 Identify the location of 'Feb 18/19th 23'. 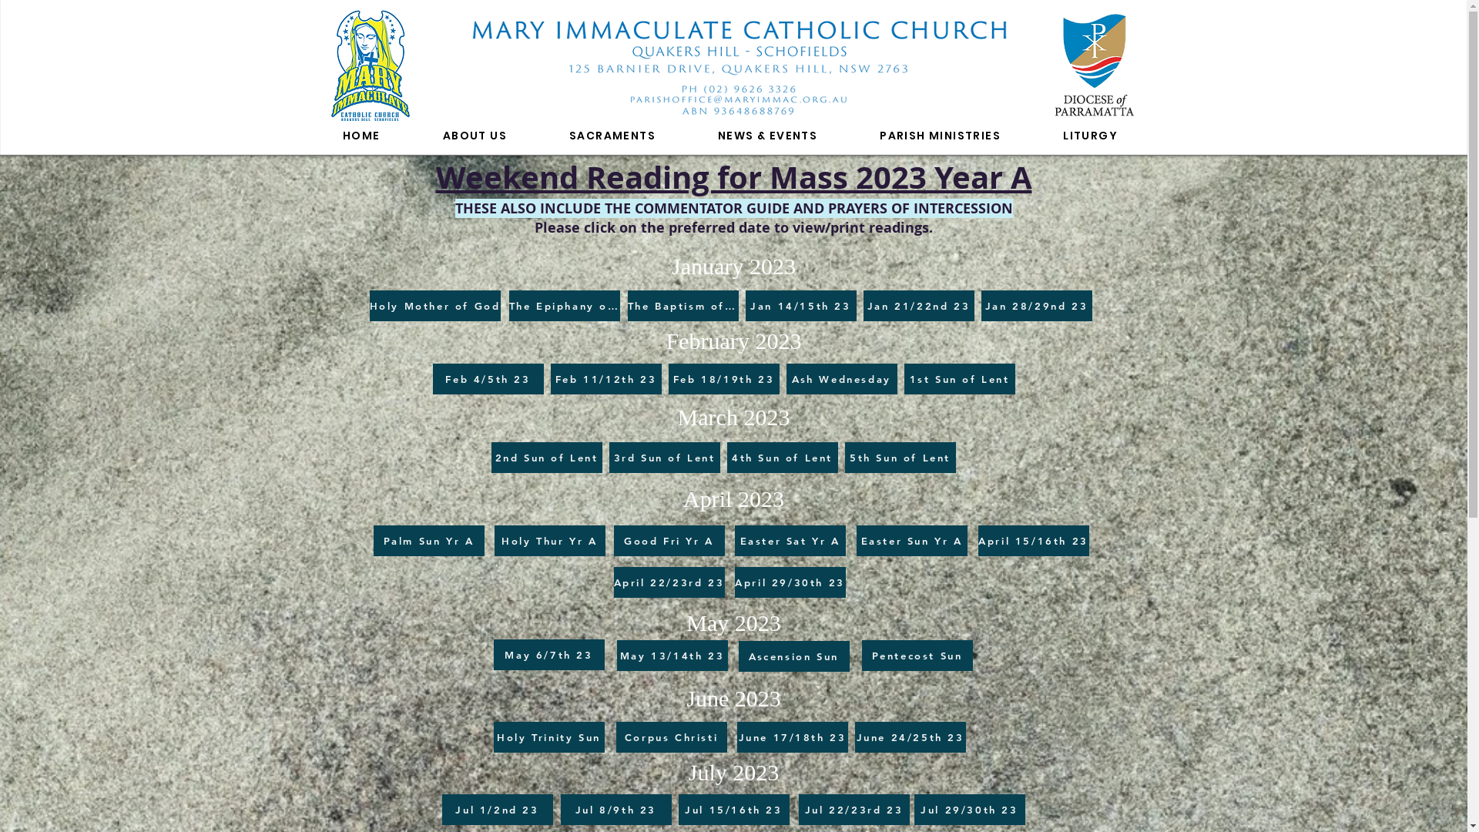
(723, 379).